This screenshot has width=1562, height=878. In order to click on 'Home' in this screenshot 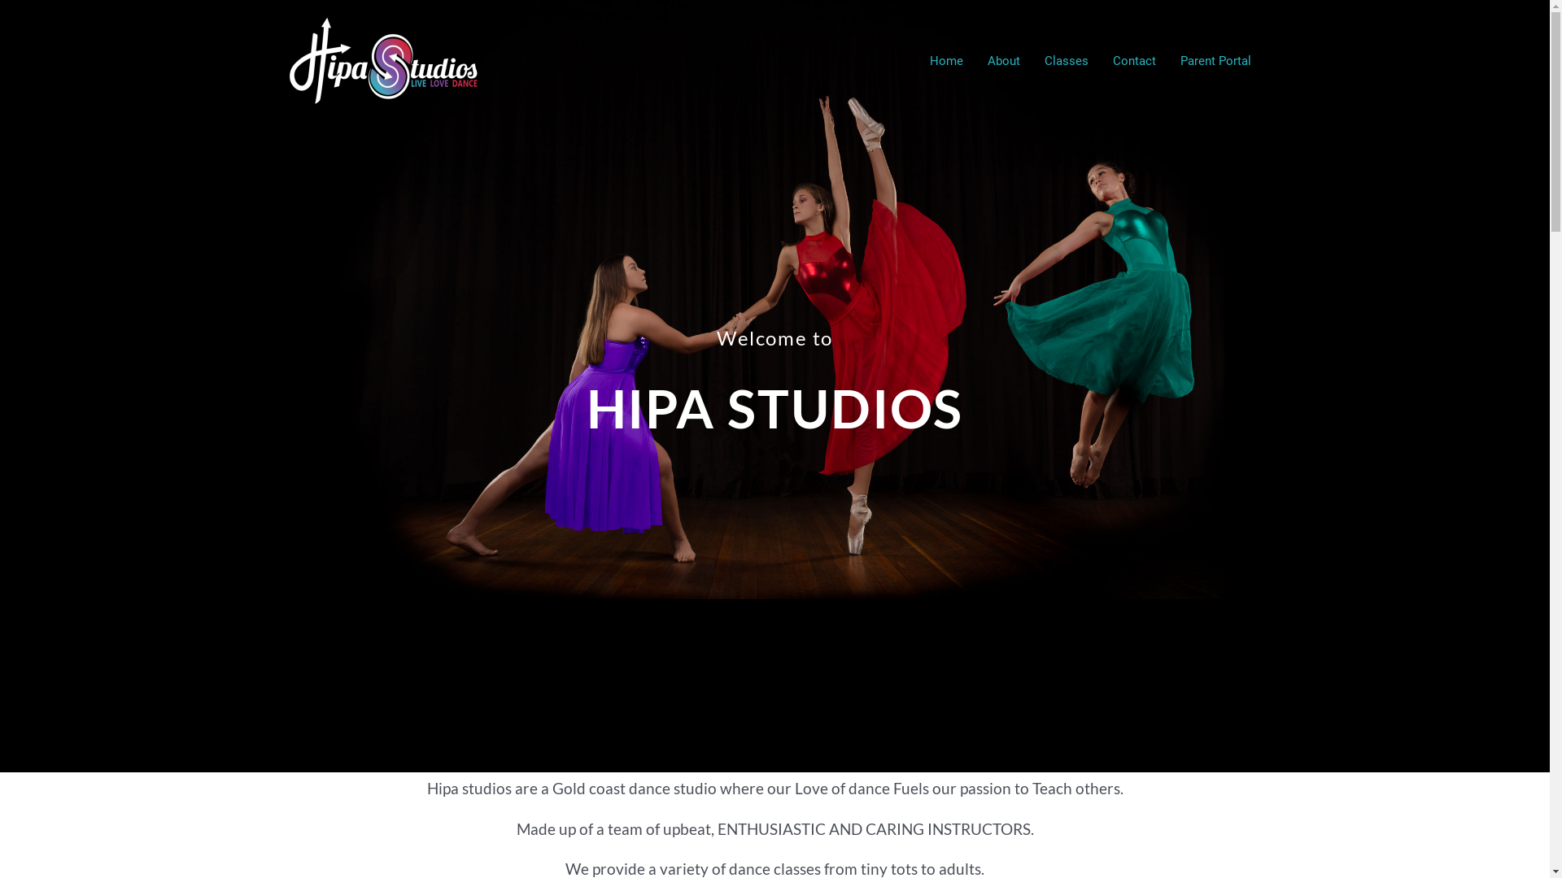, I will do `click(946, 59)`.